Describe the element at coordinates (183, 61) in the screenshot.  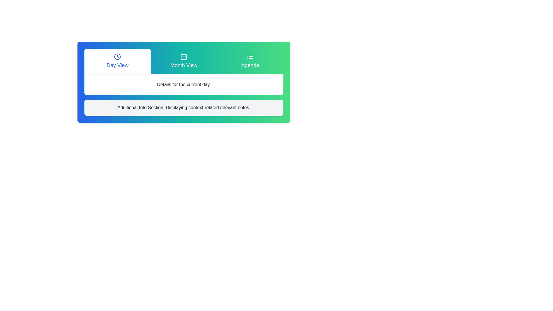
I see `the Month View tab` at that location.